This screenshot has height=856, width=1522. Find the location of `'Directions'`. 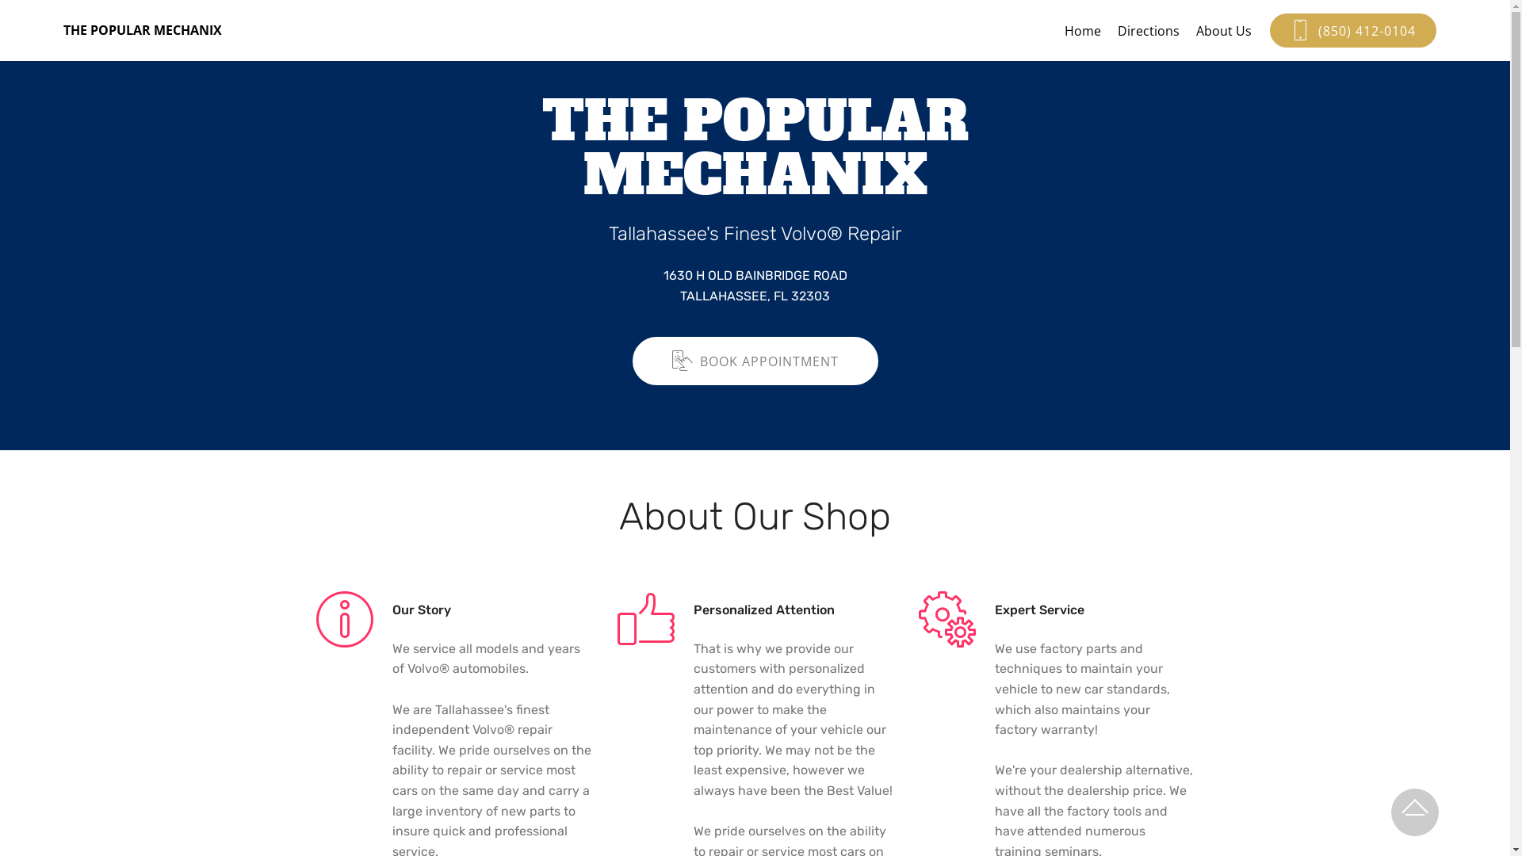

'Directions' is located at coordinates (1117, 30).